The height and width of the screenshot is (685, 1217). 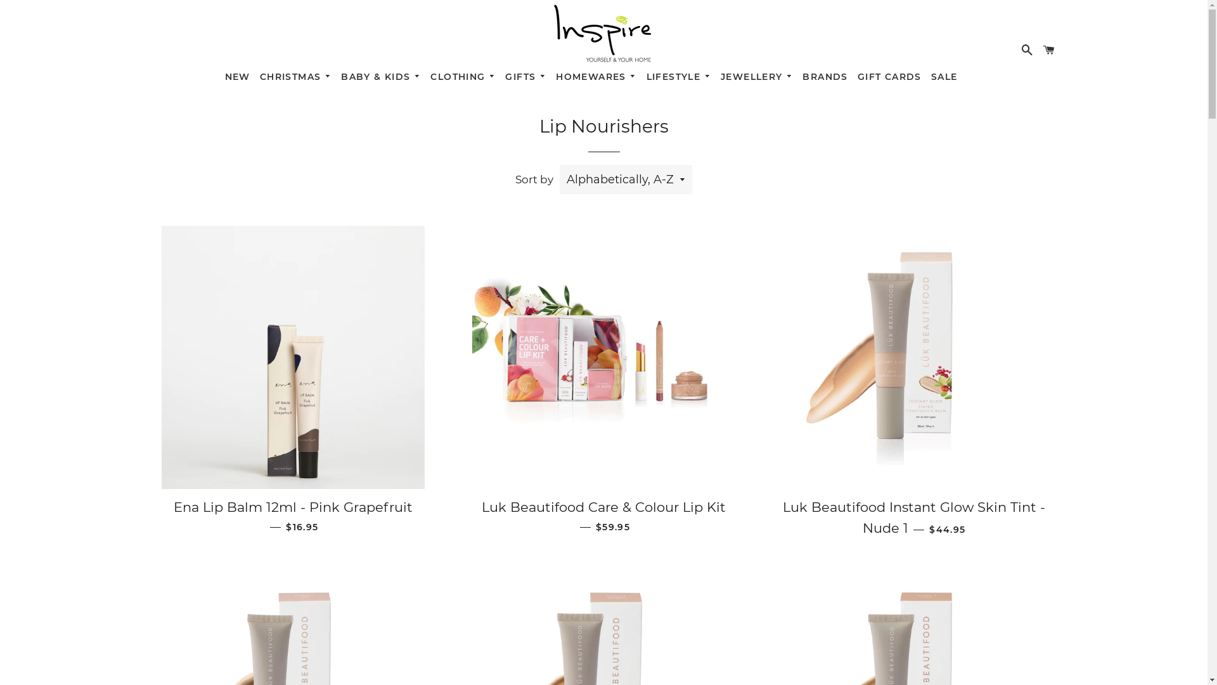 What do you see at coordinates (825, 74) in the screenshot?
I see `'BRANDS'` at bounding box center [825, 74].